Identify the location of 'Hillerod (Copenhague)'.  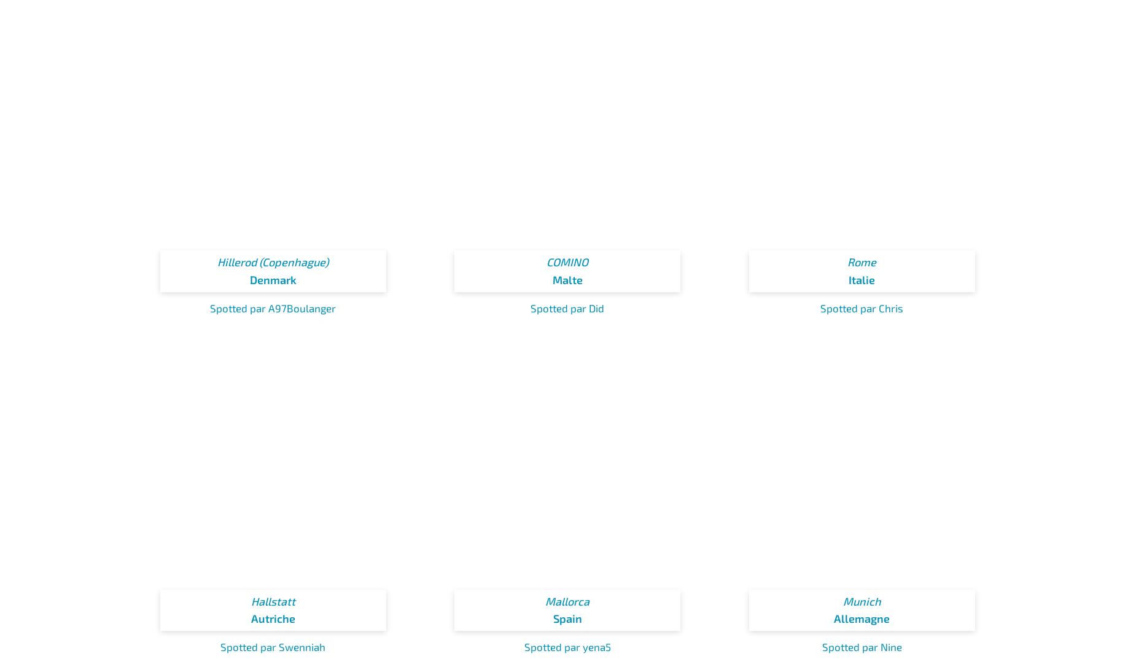
(272, 262).